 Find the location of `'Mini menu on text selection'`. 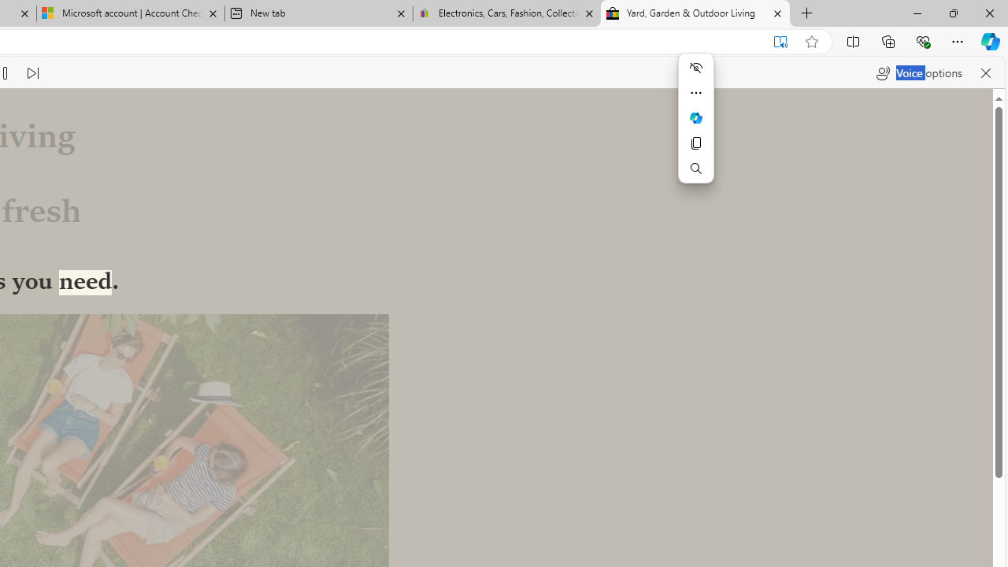

'Mini menu on text selection' is located at coordinates (695, 117).